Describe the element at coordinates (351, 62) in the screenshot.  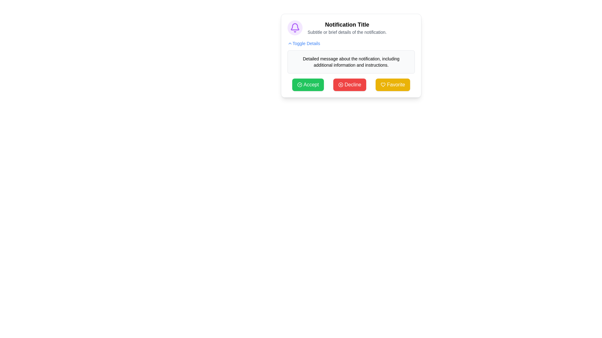
I see `the informational text box located in the lower half of the notification card window, positioned directly below the 'Toggle Details' link and above the action buttons` at that location.